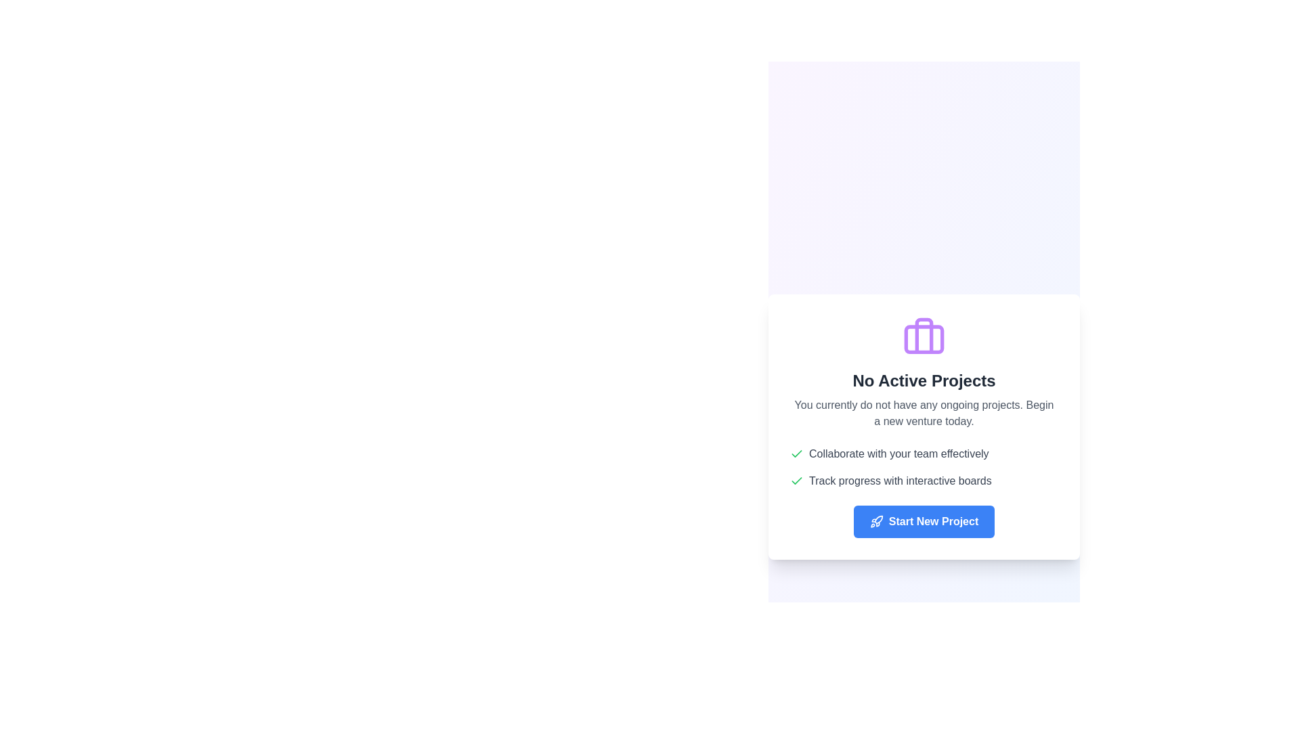  I want to click on the text label that reads 'Track progress with interactive boards', located beneath 'Collaborate with your team effectively' and above the 'Start New Project' button in the card titled 'No Active Projects', so click(900, 480).